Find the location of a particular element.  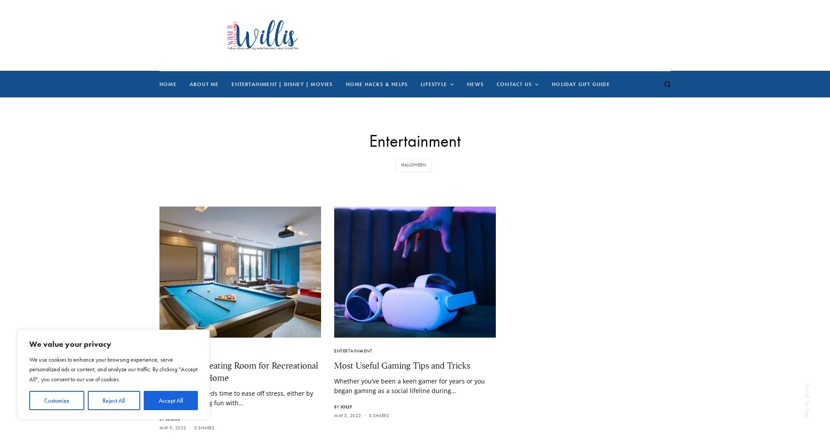

'Jolly' is located at coordinates (345, 406).